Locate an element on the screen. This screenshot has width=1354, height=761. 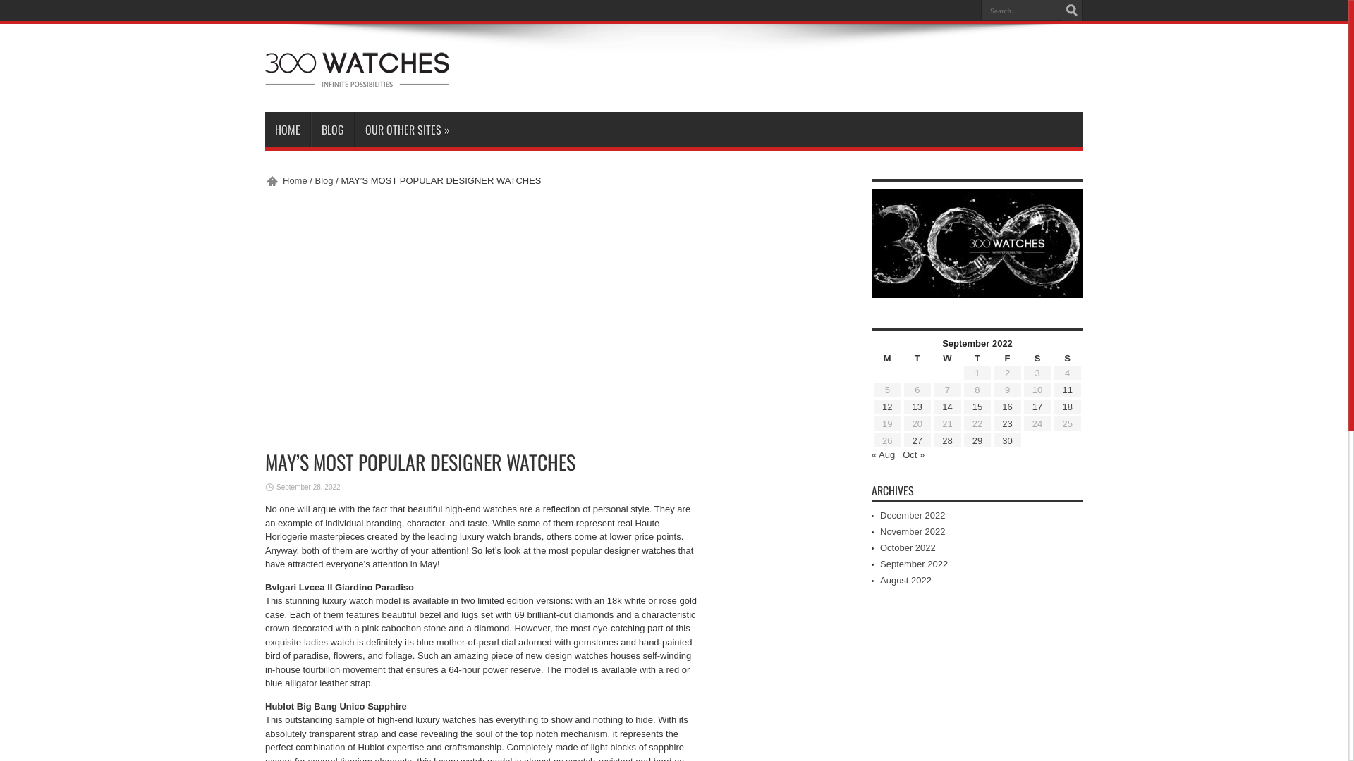
'27' is located at coordinates (913, 440).